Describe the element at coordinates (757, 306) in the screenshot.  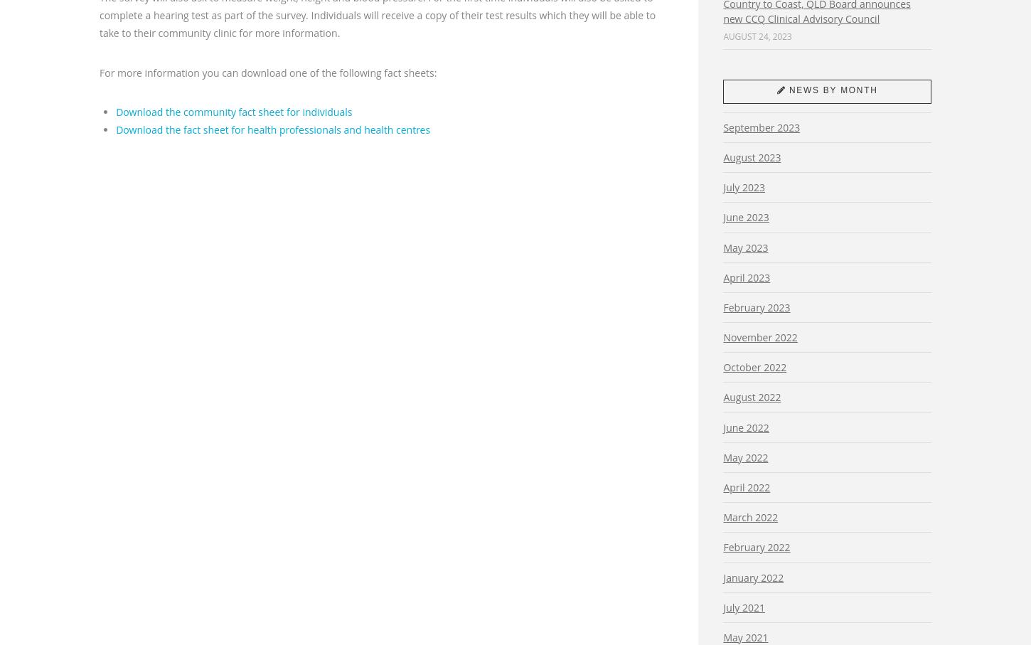
I see `'February 2023'` at that location.